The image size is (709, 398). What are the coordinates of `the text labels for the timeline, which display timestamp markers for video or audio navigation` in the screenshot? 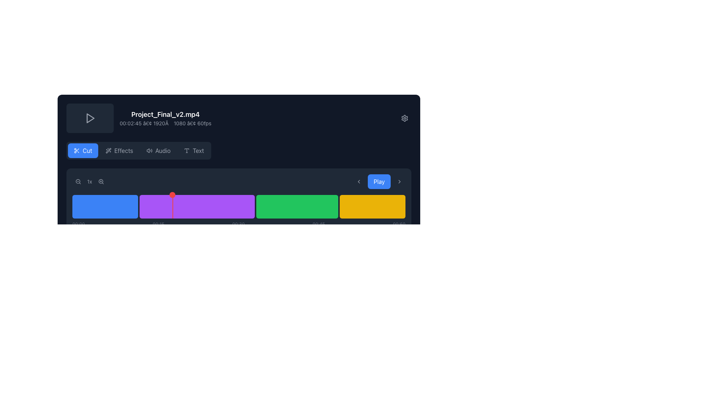 It's located at (239, 224).